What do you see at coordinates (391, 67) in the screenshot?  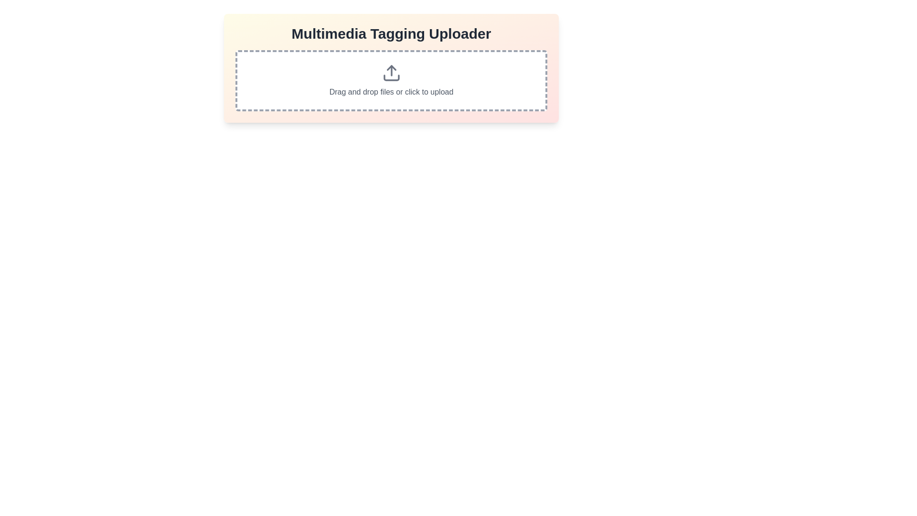 I see `files into the dashed rectangle area of the file upload component` at bounding box center [391, 67].